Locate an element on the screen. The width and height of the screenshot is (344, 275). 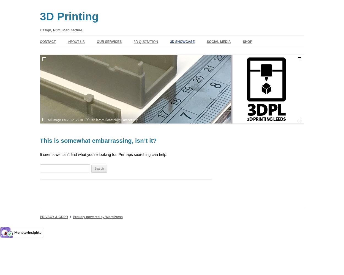
'This is somewhat embarrassing, isn’t it?' is located at coordinates (98, 141).